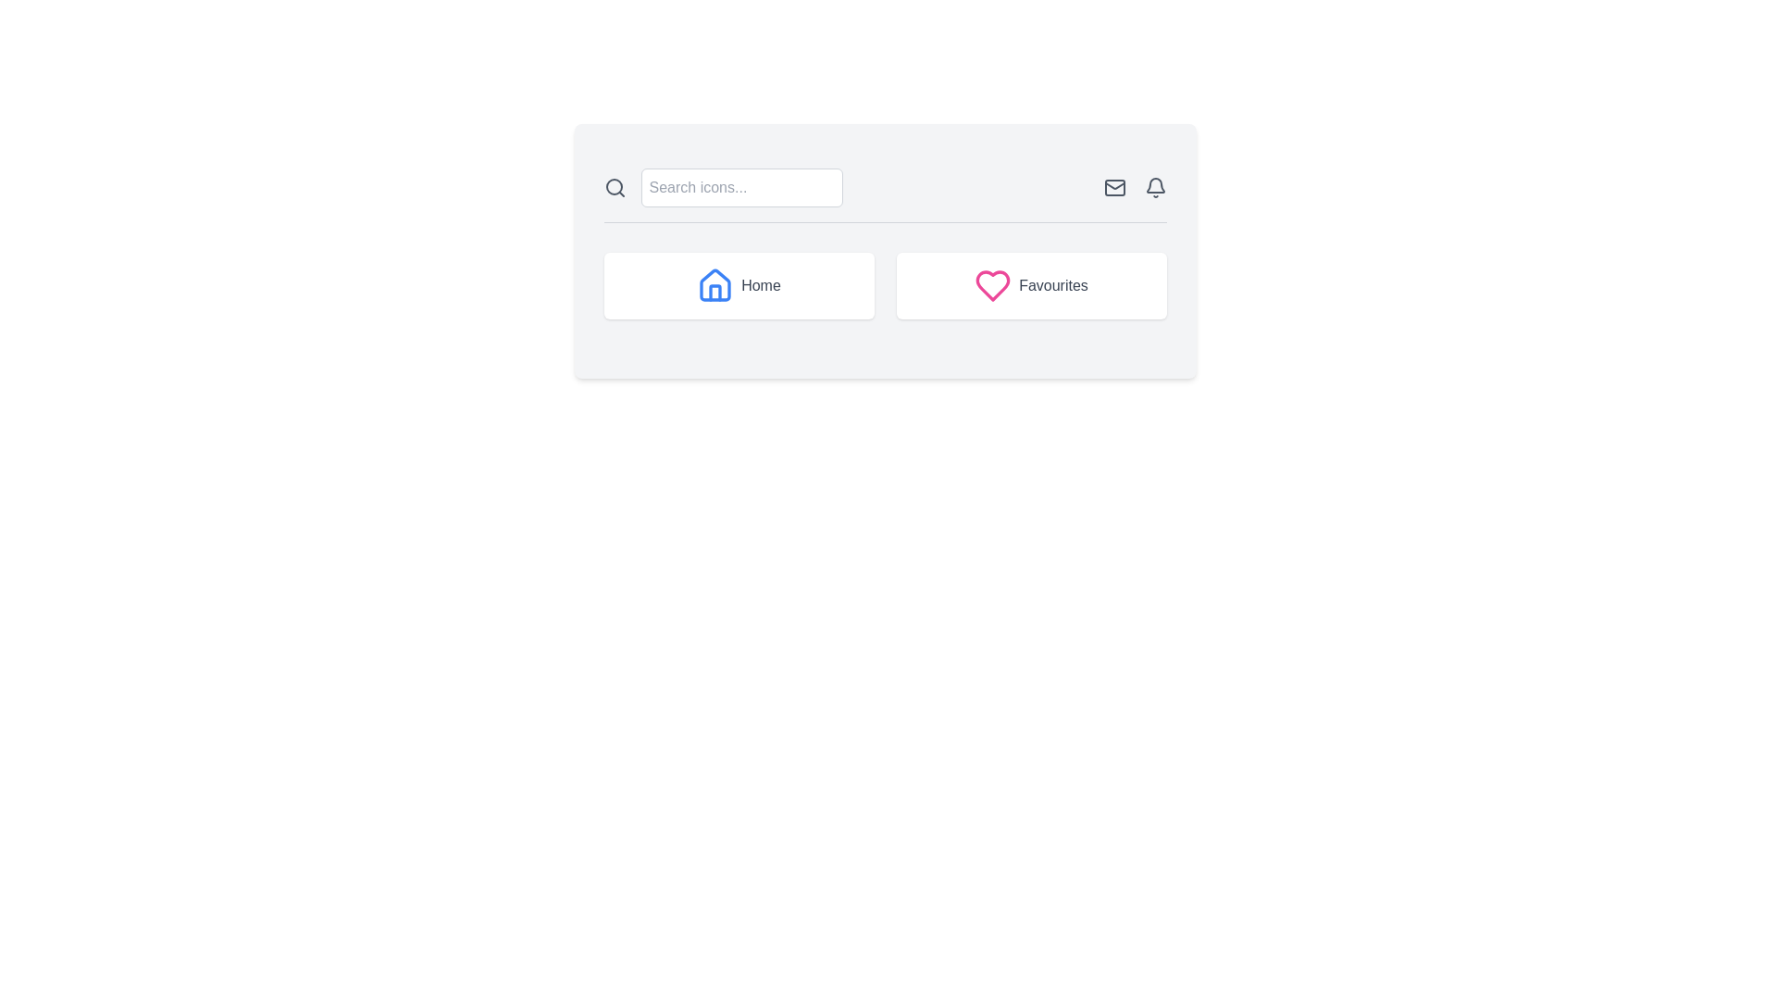 The image size is (1777, 1000). Describe the element at coordinates (1113, 188) in the screenshot. I see `the envelope icon in the top-right section of the application interface` at that location.